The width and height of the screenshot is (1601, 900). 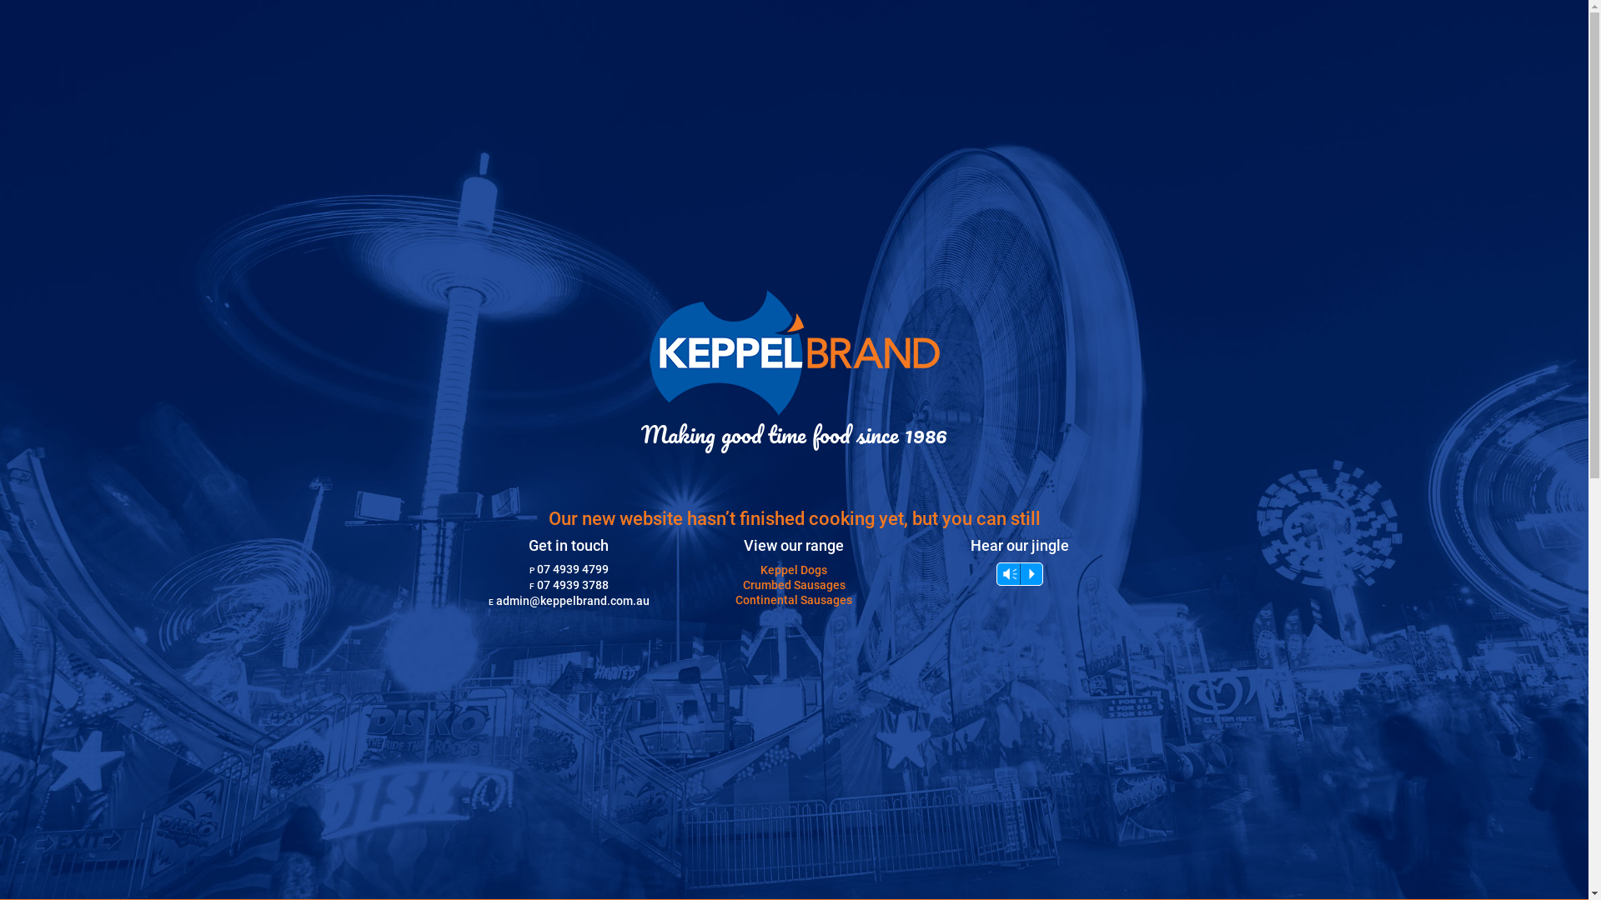 I want to click on 'Continental Sausages', so click(x=792, y=600).